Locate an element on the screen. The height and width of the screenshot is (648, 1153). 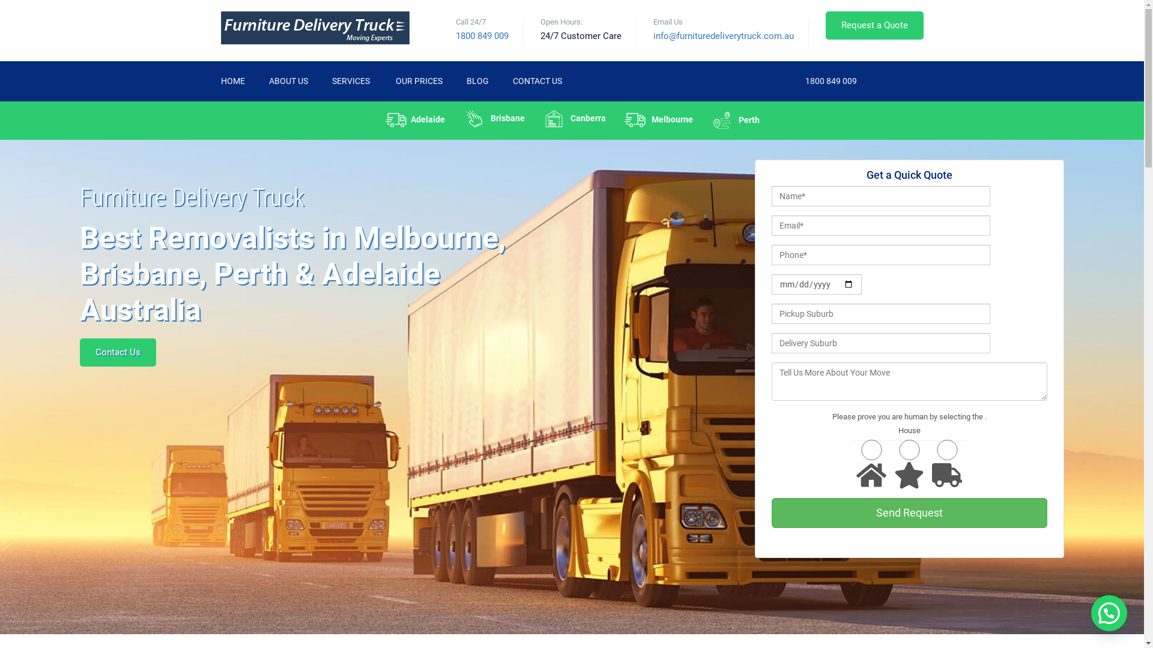
'SERVICES' is located at coordinates (351, 81).